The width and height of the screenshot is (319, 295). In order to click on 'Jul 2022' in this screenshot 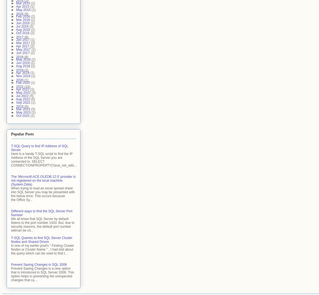, I will do `click(23, 96)`.